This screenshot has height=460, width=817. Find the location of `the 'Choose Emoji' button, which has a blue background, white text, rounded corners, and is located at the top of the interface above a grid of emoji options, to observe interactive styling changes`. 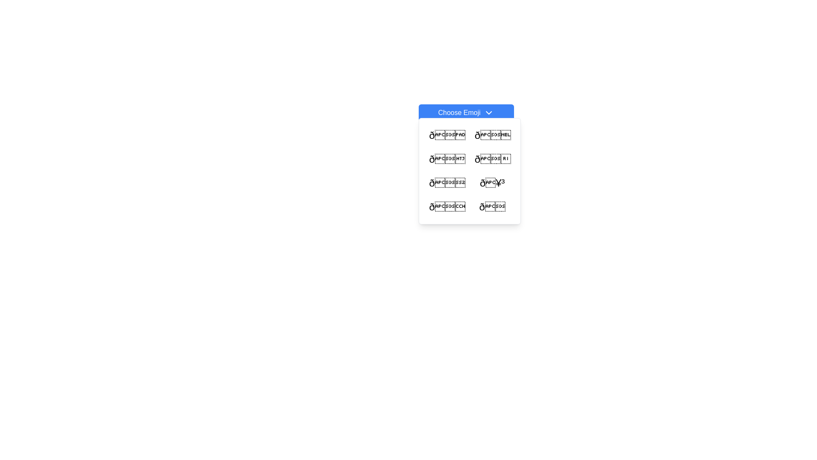

the 'Choose Emoji' button, which has a blue background, white text, rounded corners, and is located at the top of the interface above a grid of emoji options, to observe interactive styling changes is located at coordinates (466, 112).